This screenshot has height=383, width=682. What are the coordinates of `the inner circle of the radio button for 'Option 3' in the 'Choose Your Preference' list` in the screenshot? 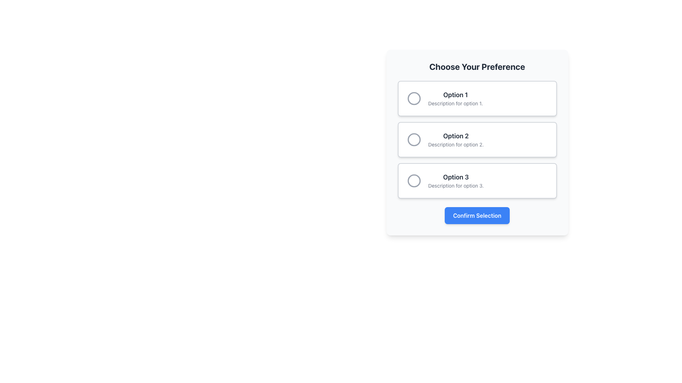 It's located at (414, 180).